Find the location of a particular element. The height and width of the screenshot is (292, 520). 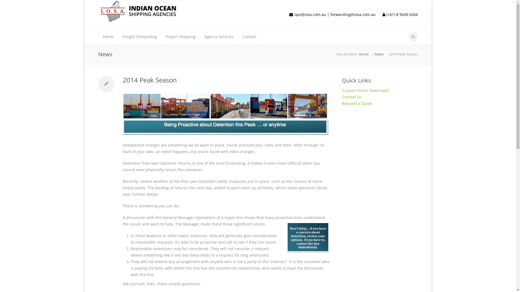

'Agency Services' is located at coordinates (219, 36).